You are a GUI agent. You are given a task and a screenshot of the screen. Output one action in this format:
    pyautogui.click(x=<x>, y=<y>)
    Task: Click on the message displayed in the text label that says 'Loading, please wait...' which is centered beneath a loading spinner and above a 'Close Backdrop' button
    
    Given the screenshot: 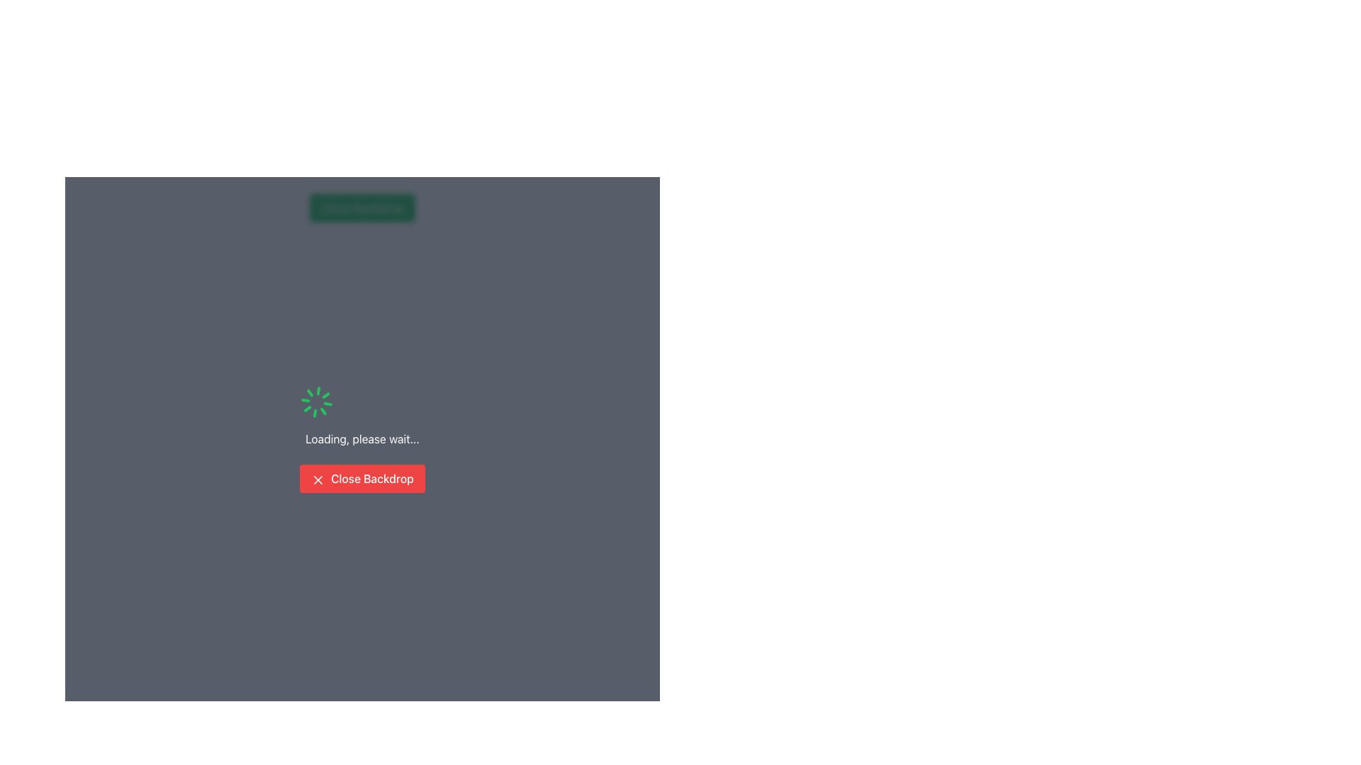 What is the action you would take?
    pyautogui.click(x=362, y=438)
    